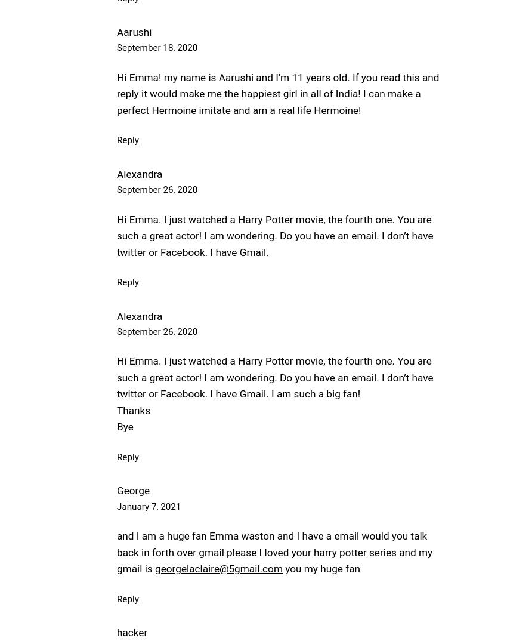 This screenshot has height=641, width=507. I want to click on 'Bye', so click(116, 426).